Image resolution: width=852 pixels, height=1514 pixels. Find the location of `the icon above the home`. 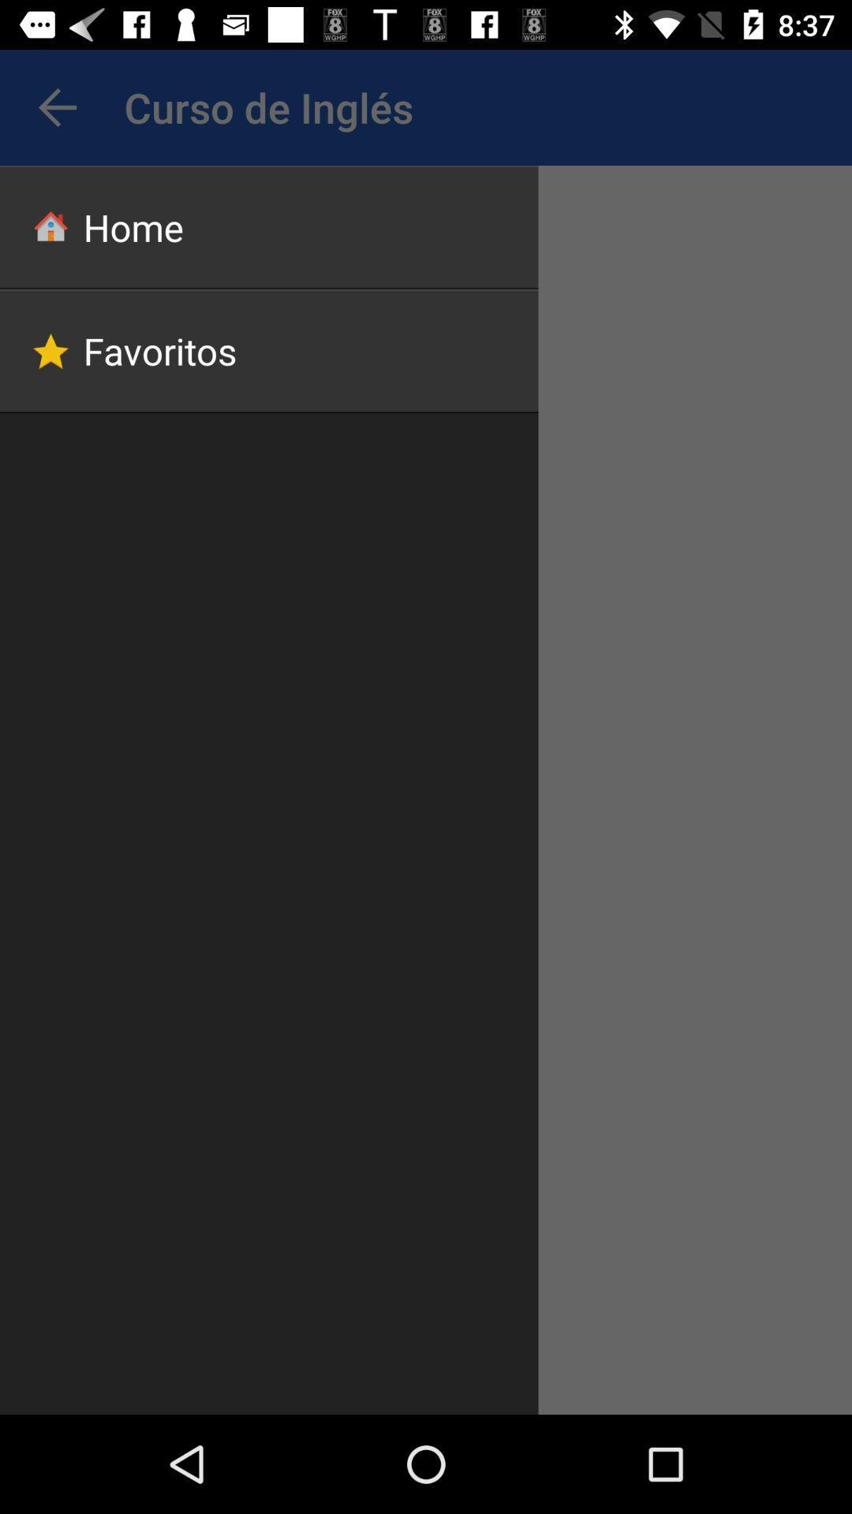

the icon above the home is located at coordinates (57, 106).